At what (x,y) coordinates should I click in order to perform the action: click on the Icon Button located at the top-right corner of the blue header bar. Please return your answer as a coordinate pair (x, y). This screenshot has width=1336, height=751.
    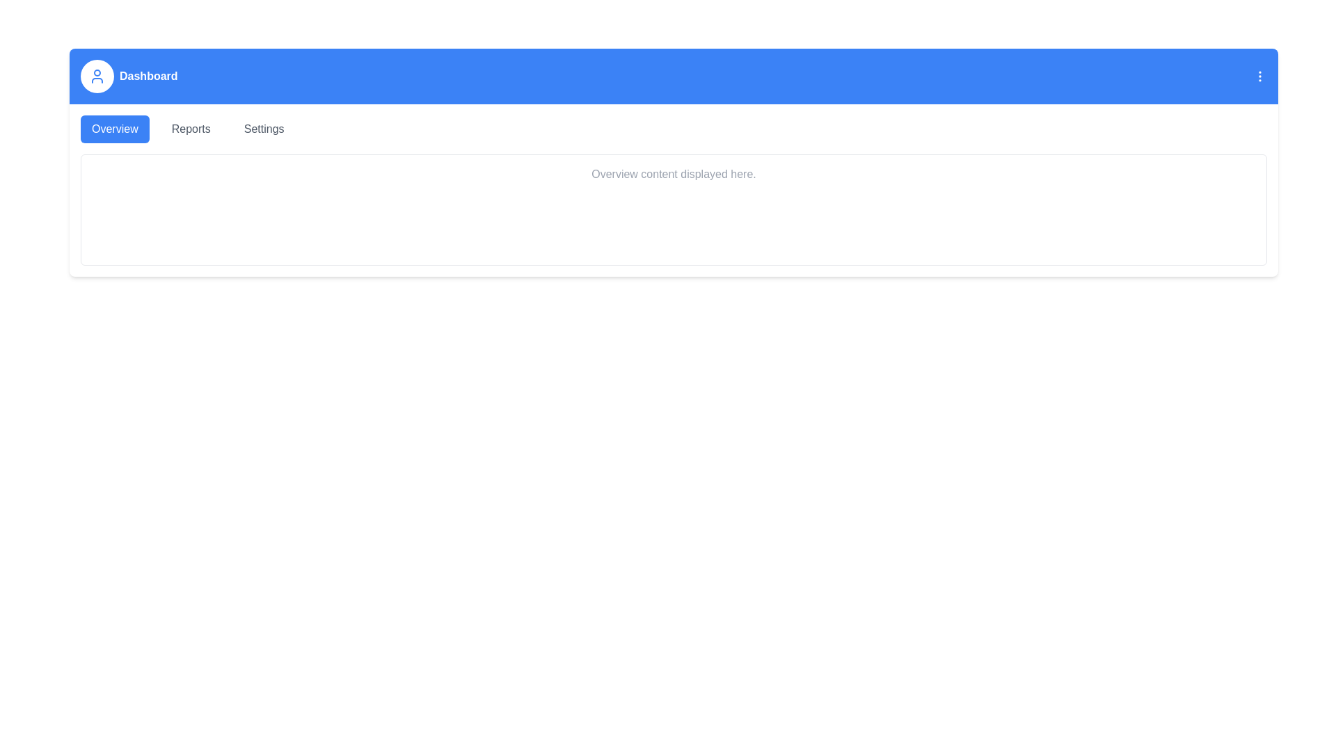
    Looking at the image, I should click on (1259, 76).